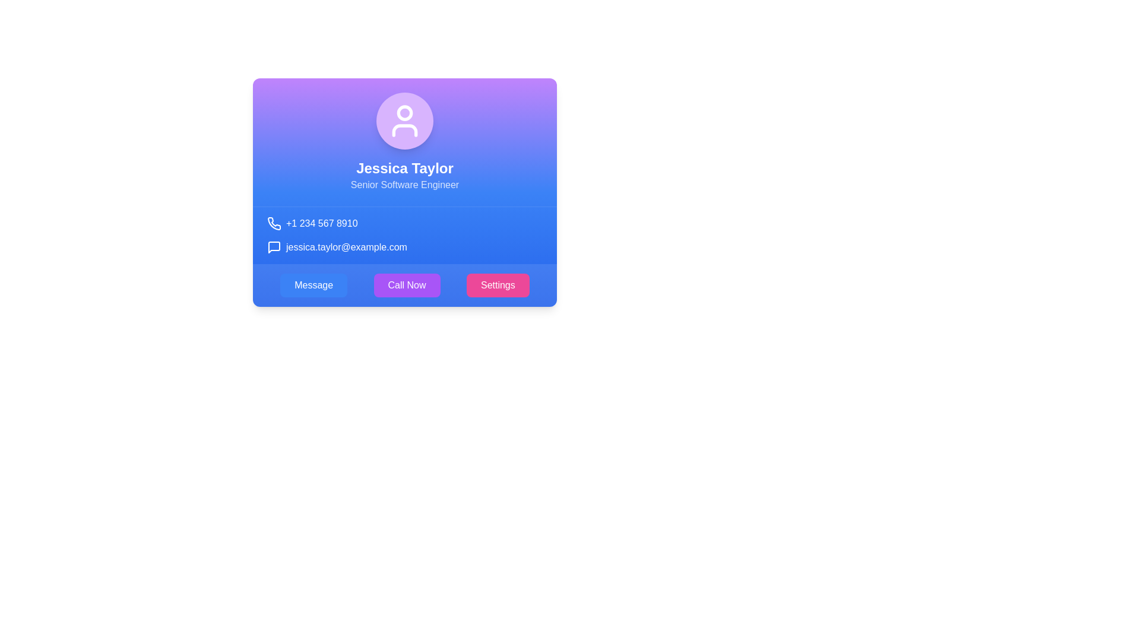 The width and height of the screenshot is (1140, 641). Describe the element at coordinates (273, 246) in the screenshot. I see `the message bubble icon, which is a rounded square with a tail at the bottom-left corner, located near the middle section of the contact card layout` at that location.